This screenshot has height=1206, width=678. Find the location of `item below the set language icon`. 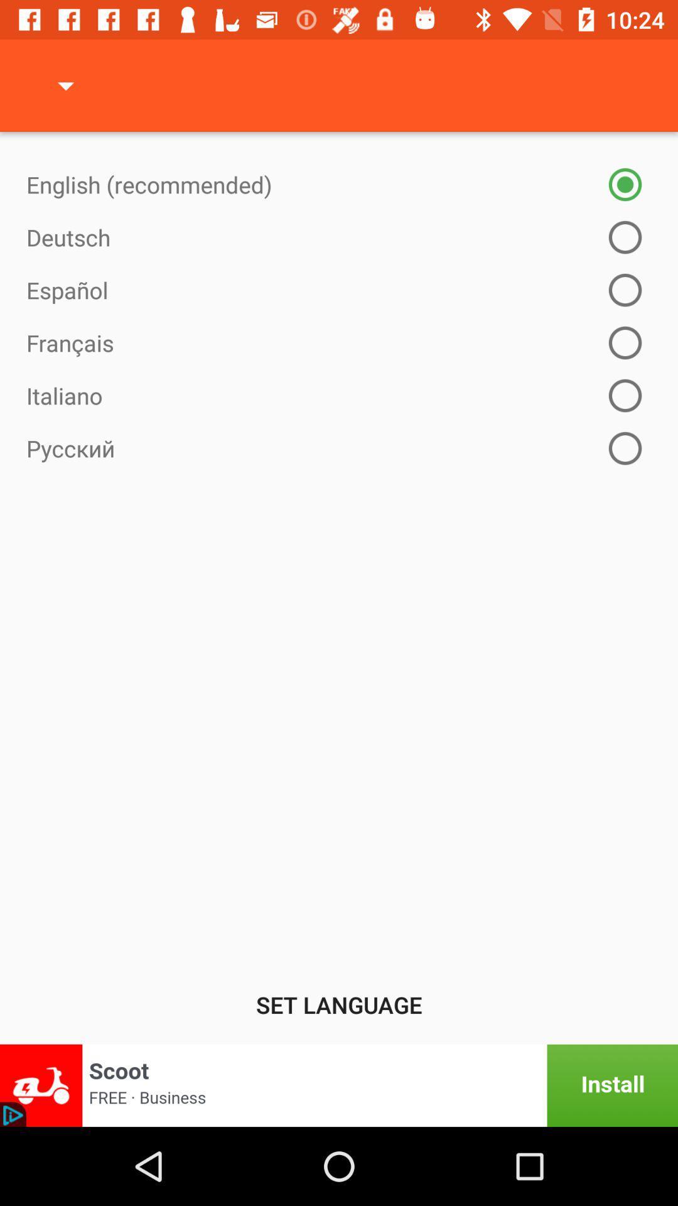

item below the set language icon is located at coordinates (339, 1085).